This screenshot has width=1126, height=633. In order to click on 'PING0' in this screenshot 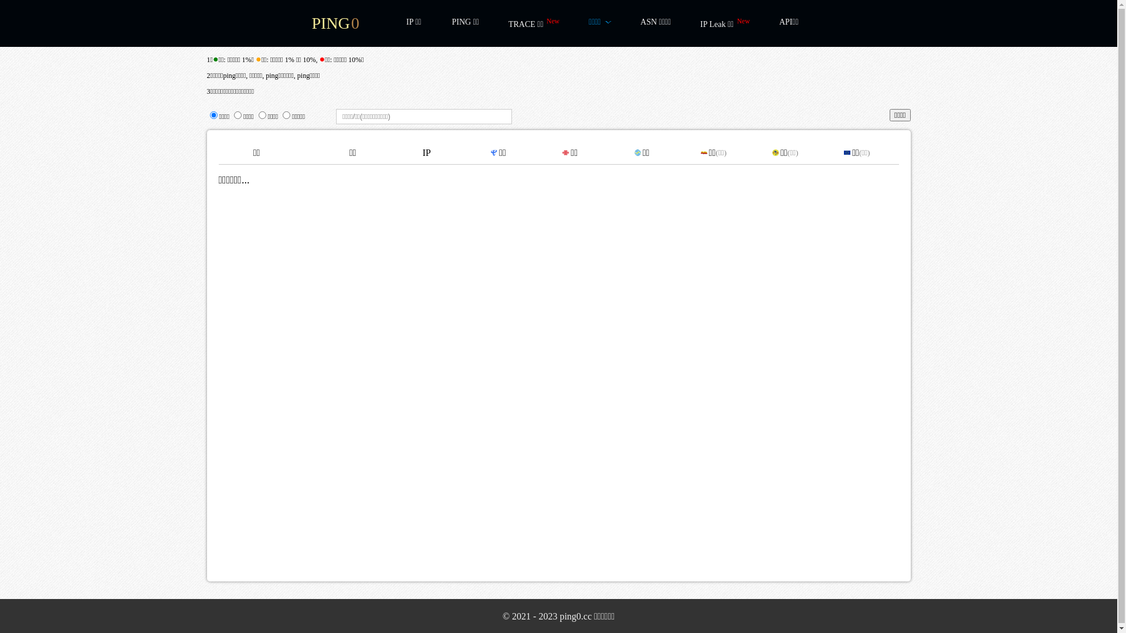, I will do `click(334, 23)`.